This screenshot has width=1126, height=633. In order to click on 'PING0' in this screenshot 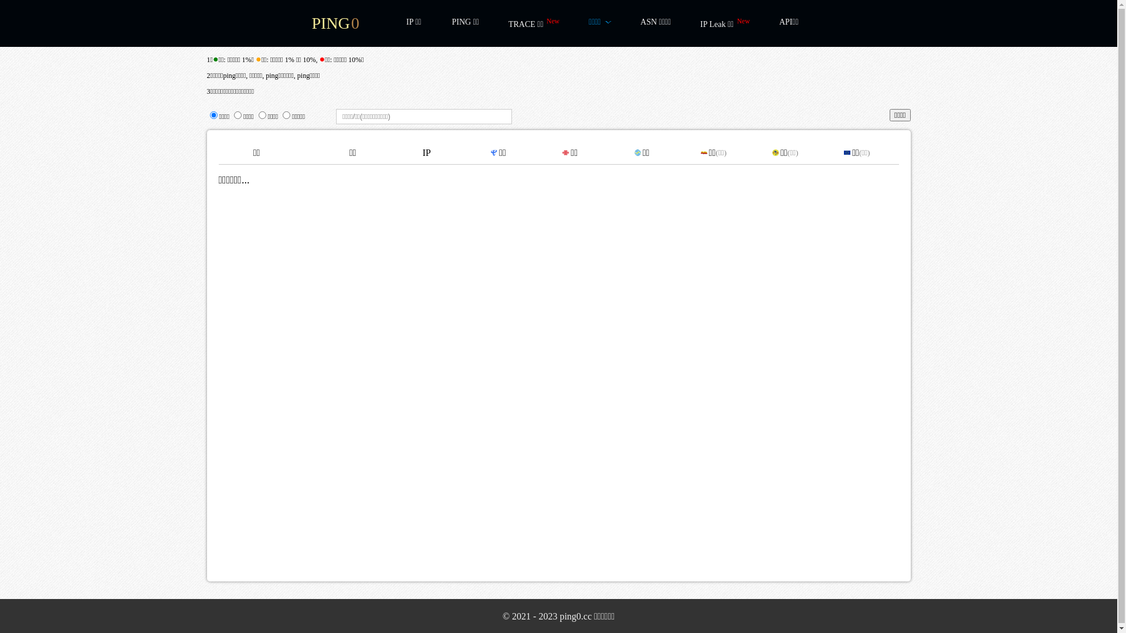, I will do `click(334, 23)`.